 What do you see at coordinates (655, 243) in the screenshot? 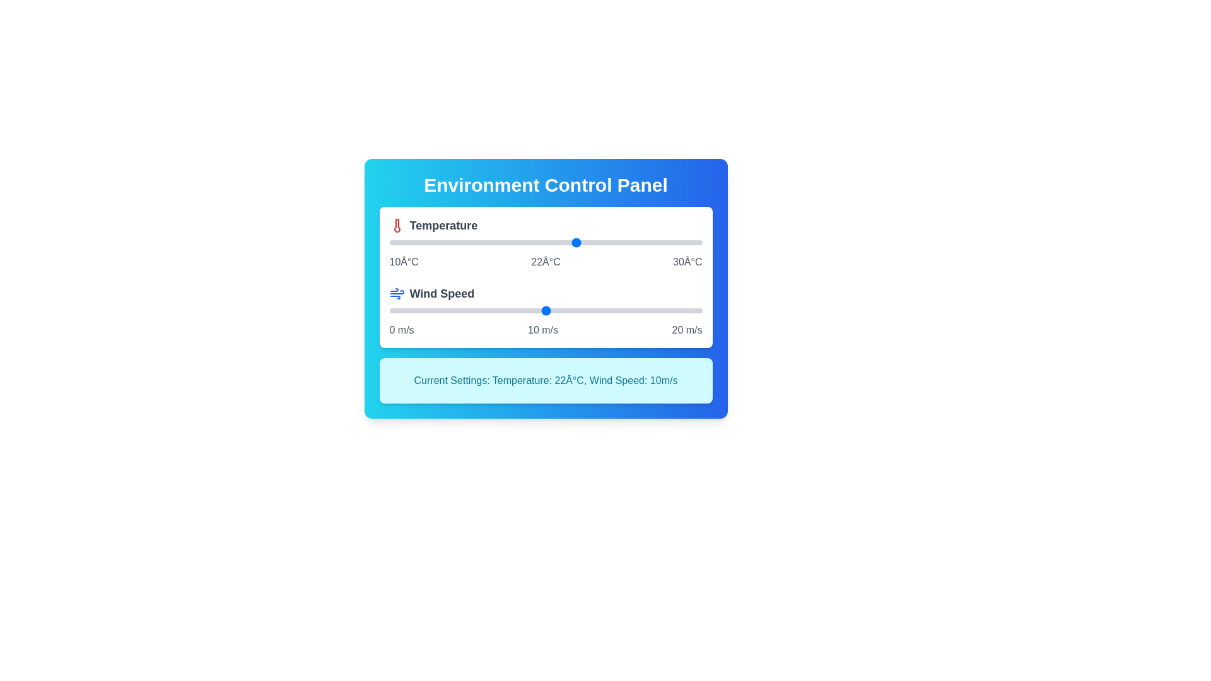
I see `the temperature slider to 27°C` at bounding box center [655, 243].